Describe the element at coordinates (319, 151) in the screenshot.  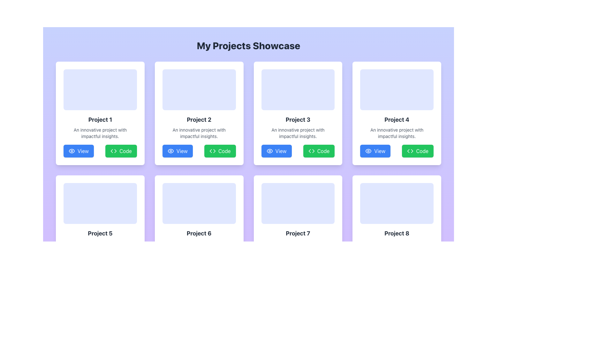
I see `the green button labeled 'Code' with code brackets icon, located at the bottom right of the 'Project 3' tile` at that location.